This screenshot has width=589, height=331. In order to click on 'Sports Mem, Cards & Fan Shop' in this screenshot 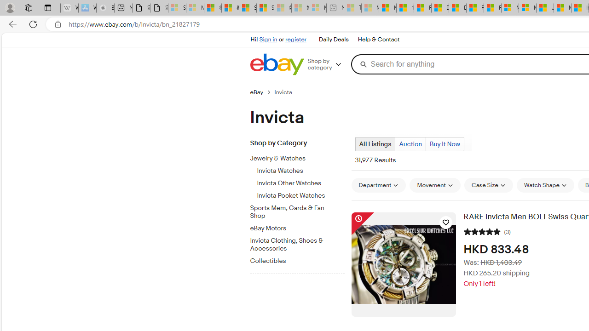, I will do `click(293, 212)`.